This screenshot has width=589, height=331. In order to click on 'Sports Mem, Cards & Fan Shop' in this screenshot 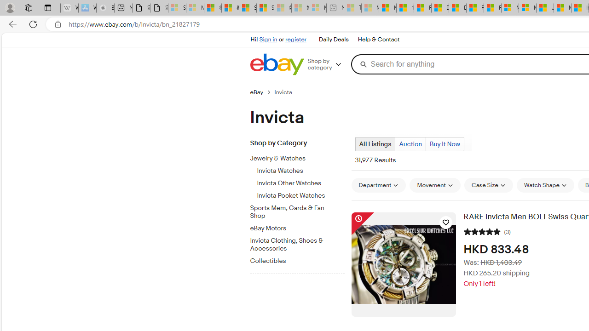, I will do `click(293, 212)`.